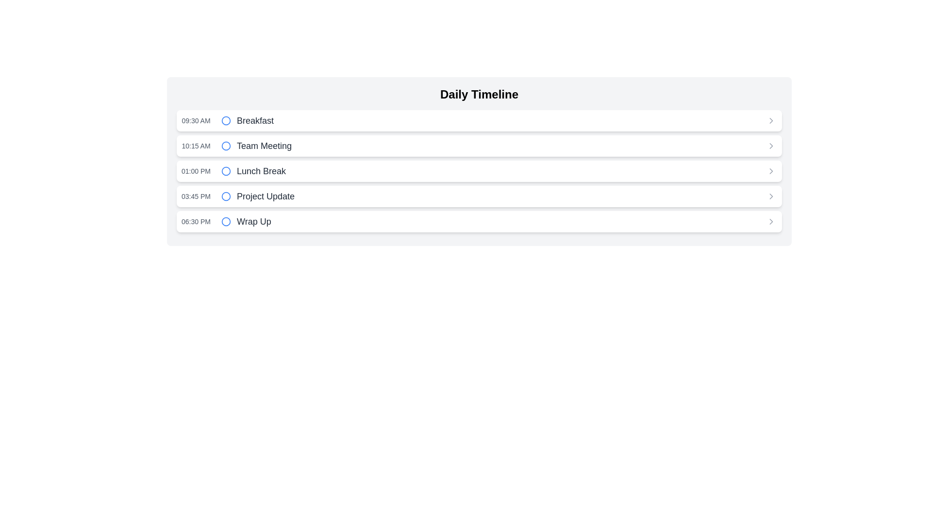 The width and height of the screenshot is (932, 524). What do you see at coordinates (770, 146) in the screenshot?
I see `the Chevron icon button located at the far right of the 'Team Meeting' entry in the timeline list` at bounding box center [770, 146].